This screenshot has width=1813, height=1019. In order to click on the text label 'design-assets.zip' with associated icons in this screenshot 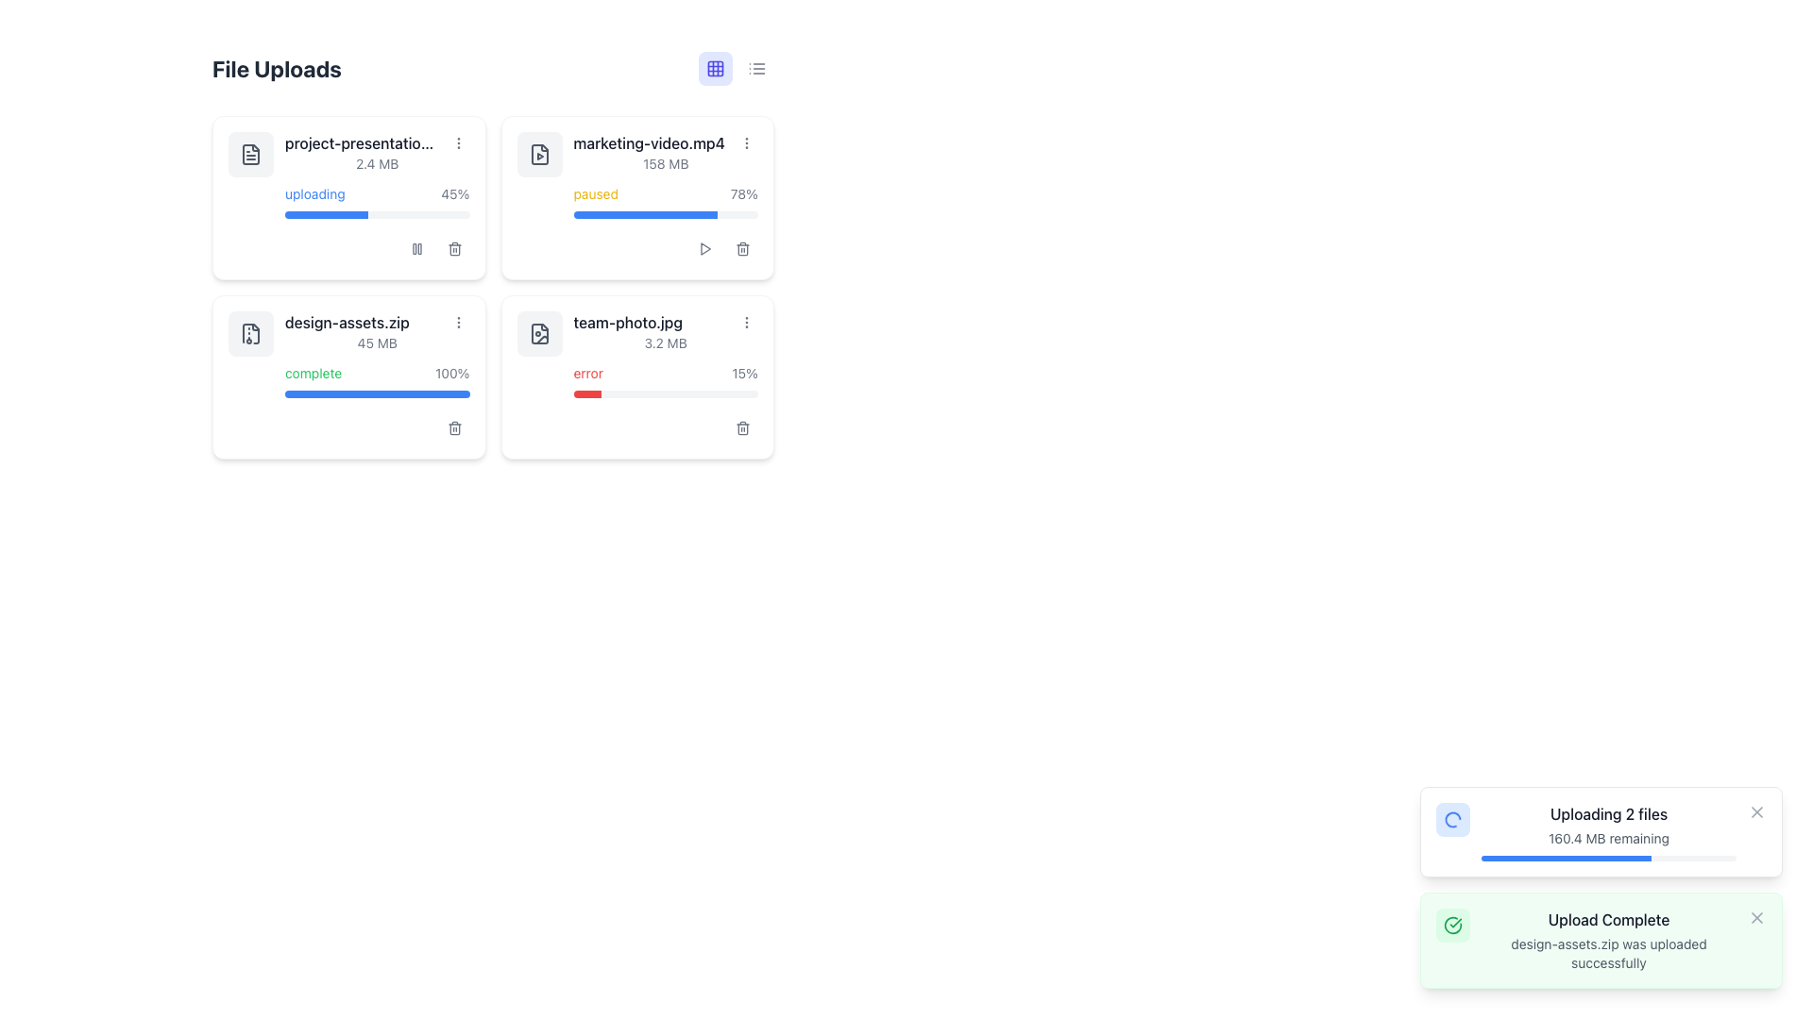, I will do `click(377, 322)`.